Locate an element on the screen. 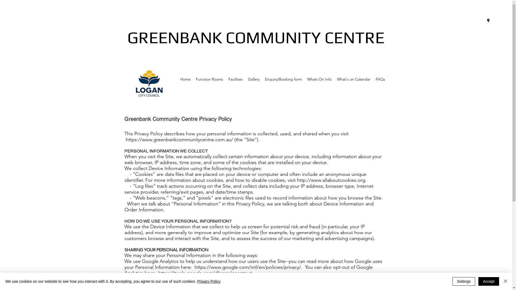  'FAQs' is located at coordinates (372, 79).